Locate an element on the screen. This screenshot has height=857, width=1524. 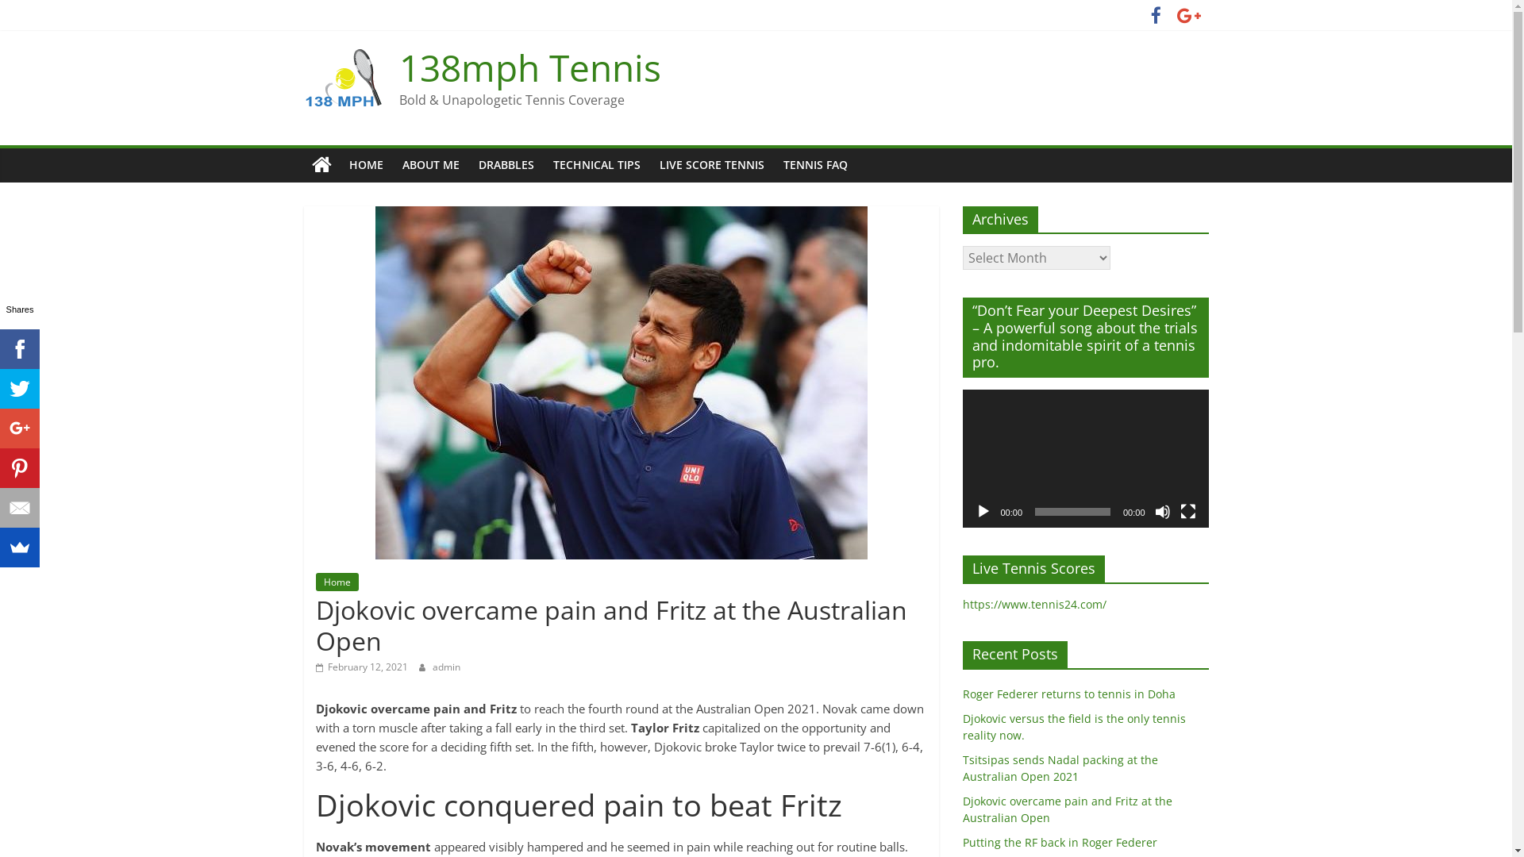
'TENNIS FAQ' is located at coordinates (814, 165).